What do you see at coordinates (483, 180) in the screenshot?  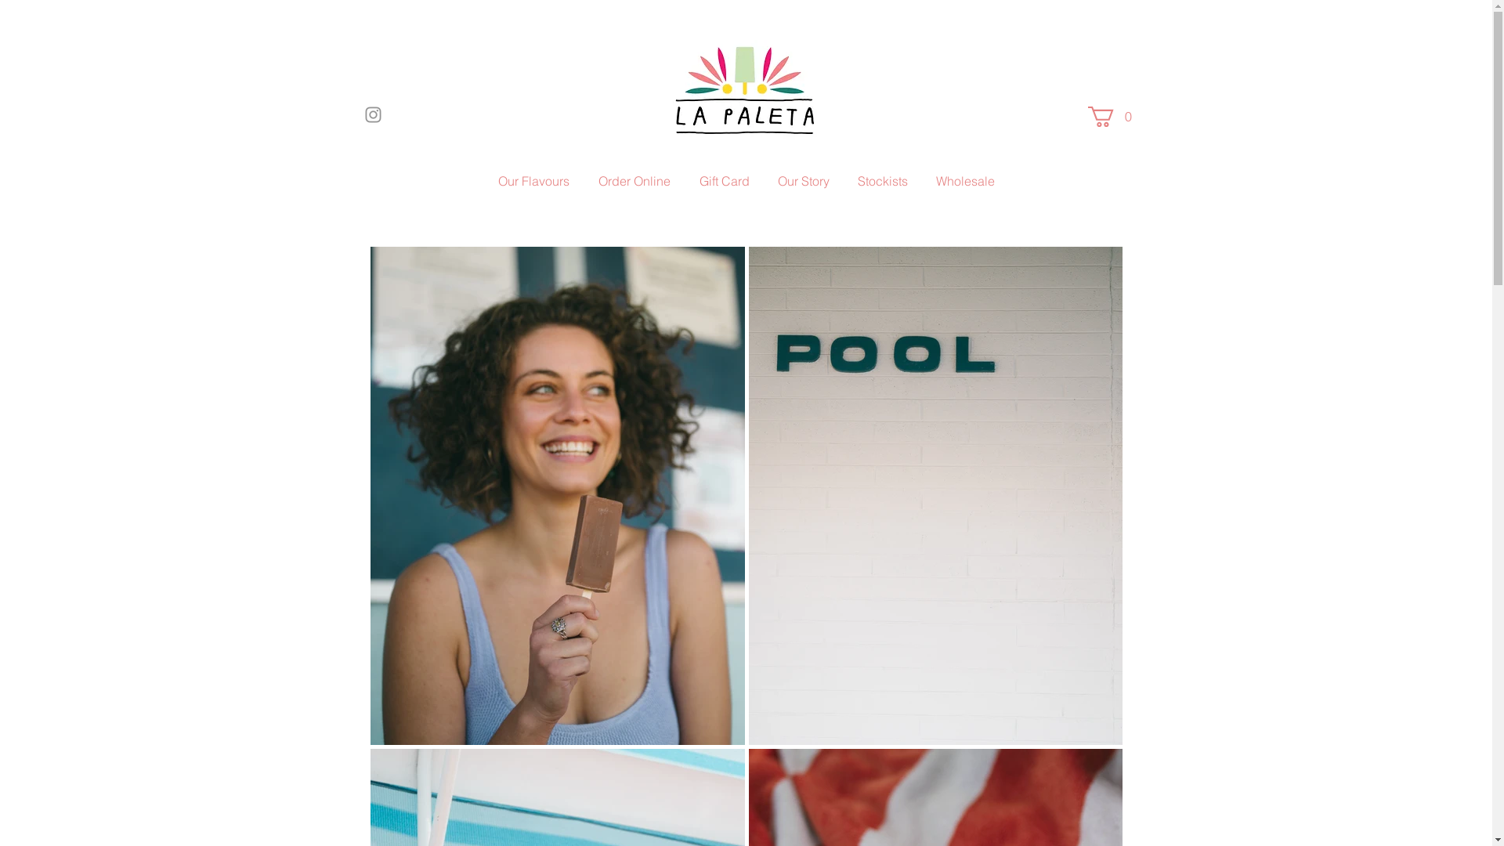 I see `'Our Flavours'` at bounding box center [483, 180].